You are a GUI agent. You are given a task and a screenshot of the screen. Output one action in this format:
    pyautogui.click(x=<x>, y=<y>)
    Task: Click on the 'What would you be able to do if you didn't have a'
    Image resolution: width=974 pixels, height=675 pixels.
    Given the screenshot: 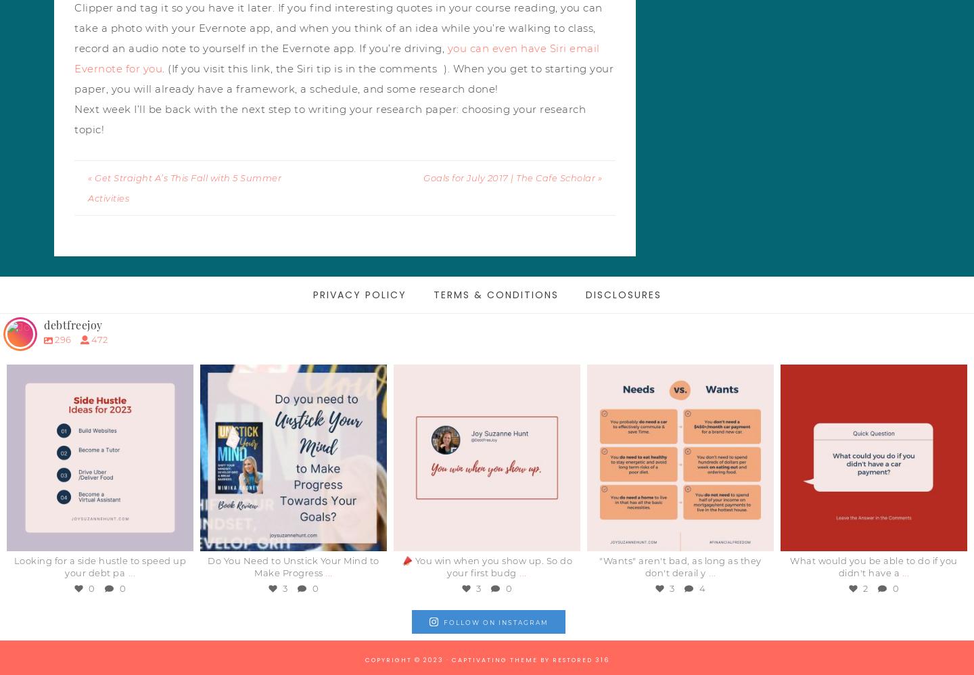 What is the action you would take?
    pyautogui.click(x=873, y=567)
    